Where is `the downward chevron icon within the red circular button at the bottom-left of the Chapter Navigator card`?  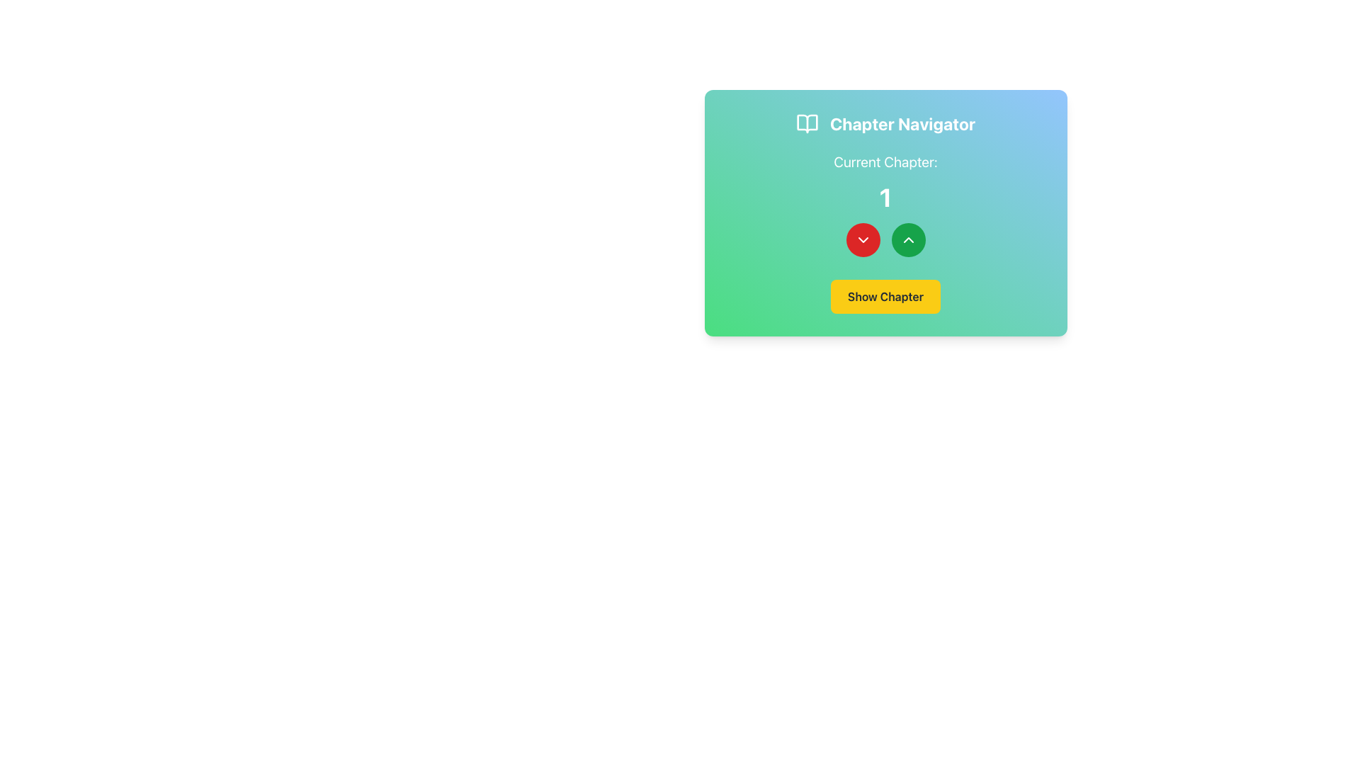 the downward chevron icon within the red circular button at the bottom-left of the Chapter Navigator card is located at coordinates (862, 239).